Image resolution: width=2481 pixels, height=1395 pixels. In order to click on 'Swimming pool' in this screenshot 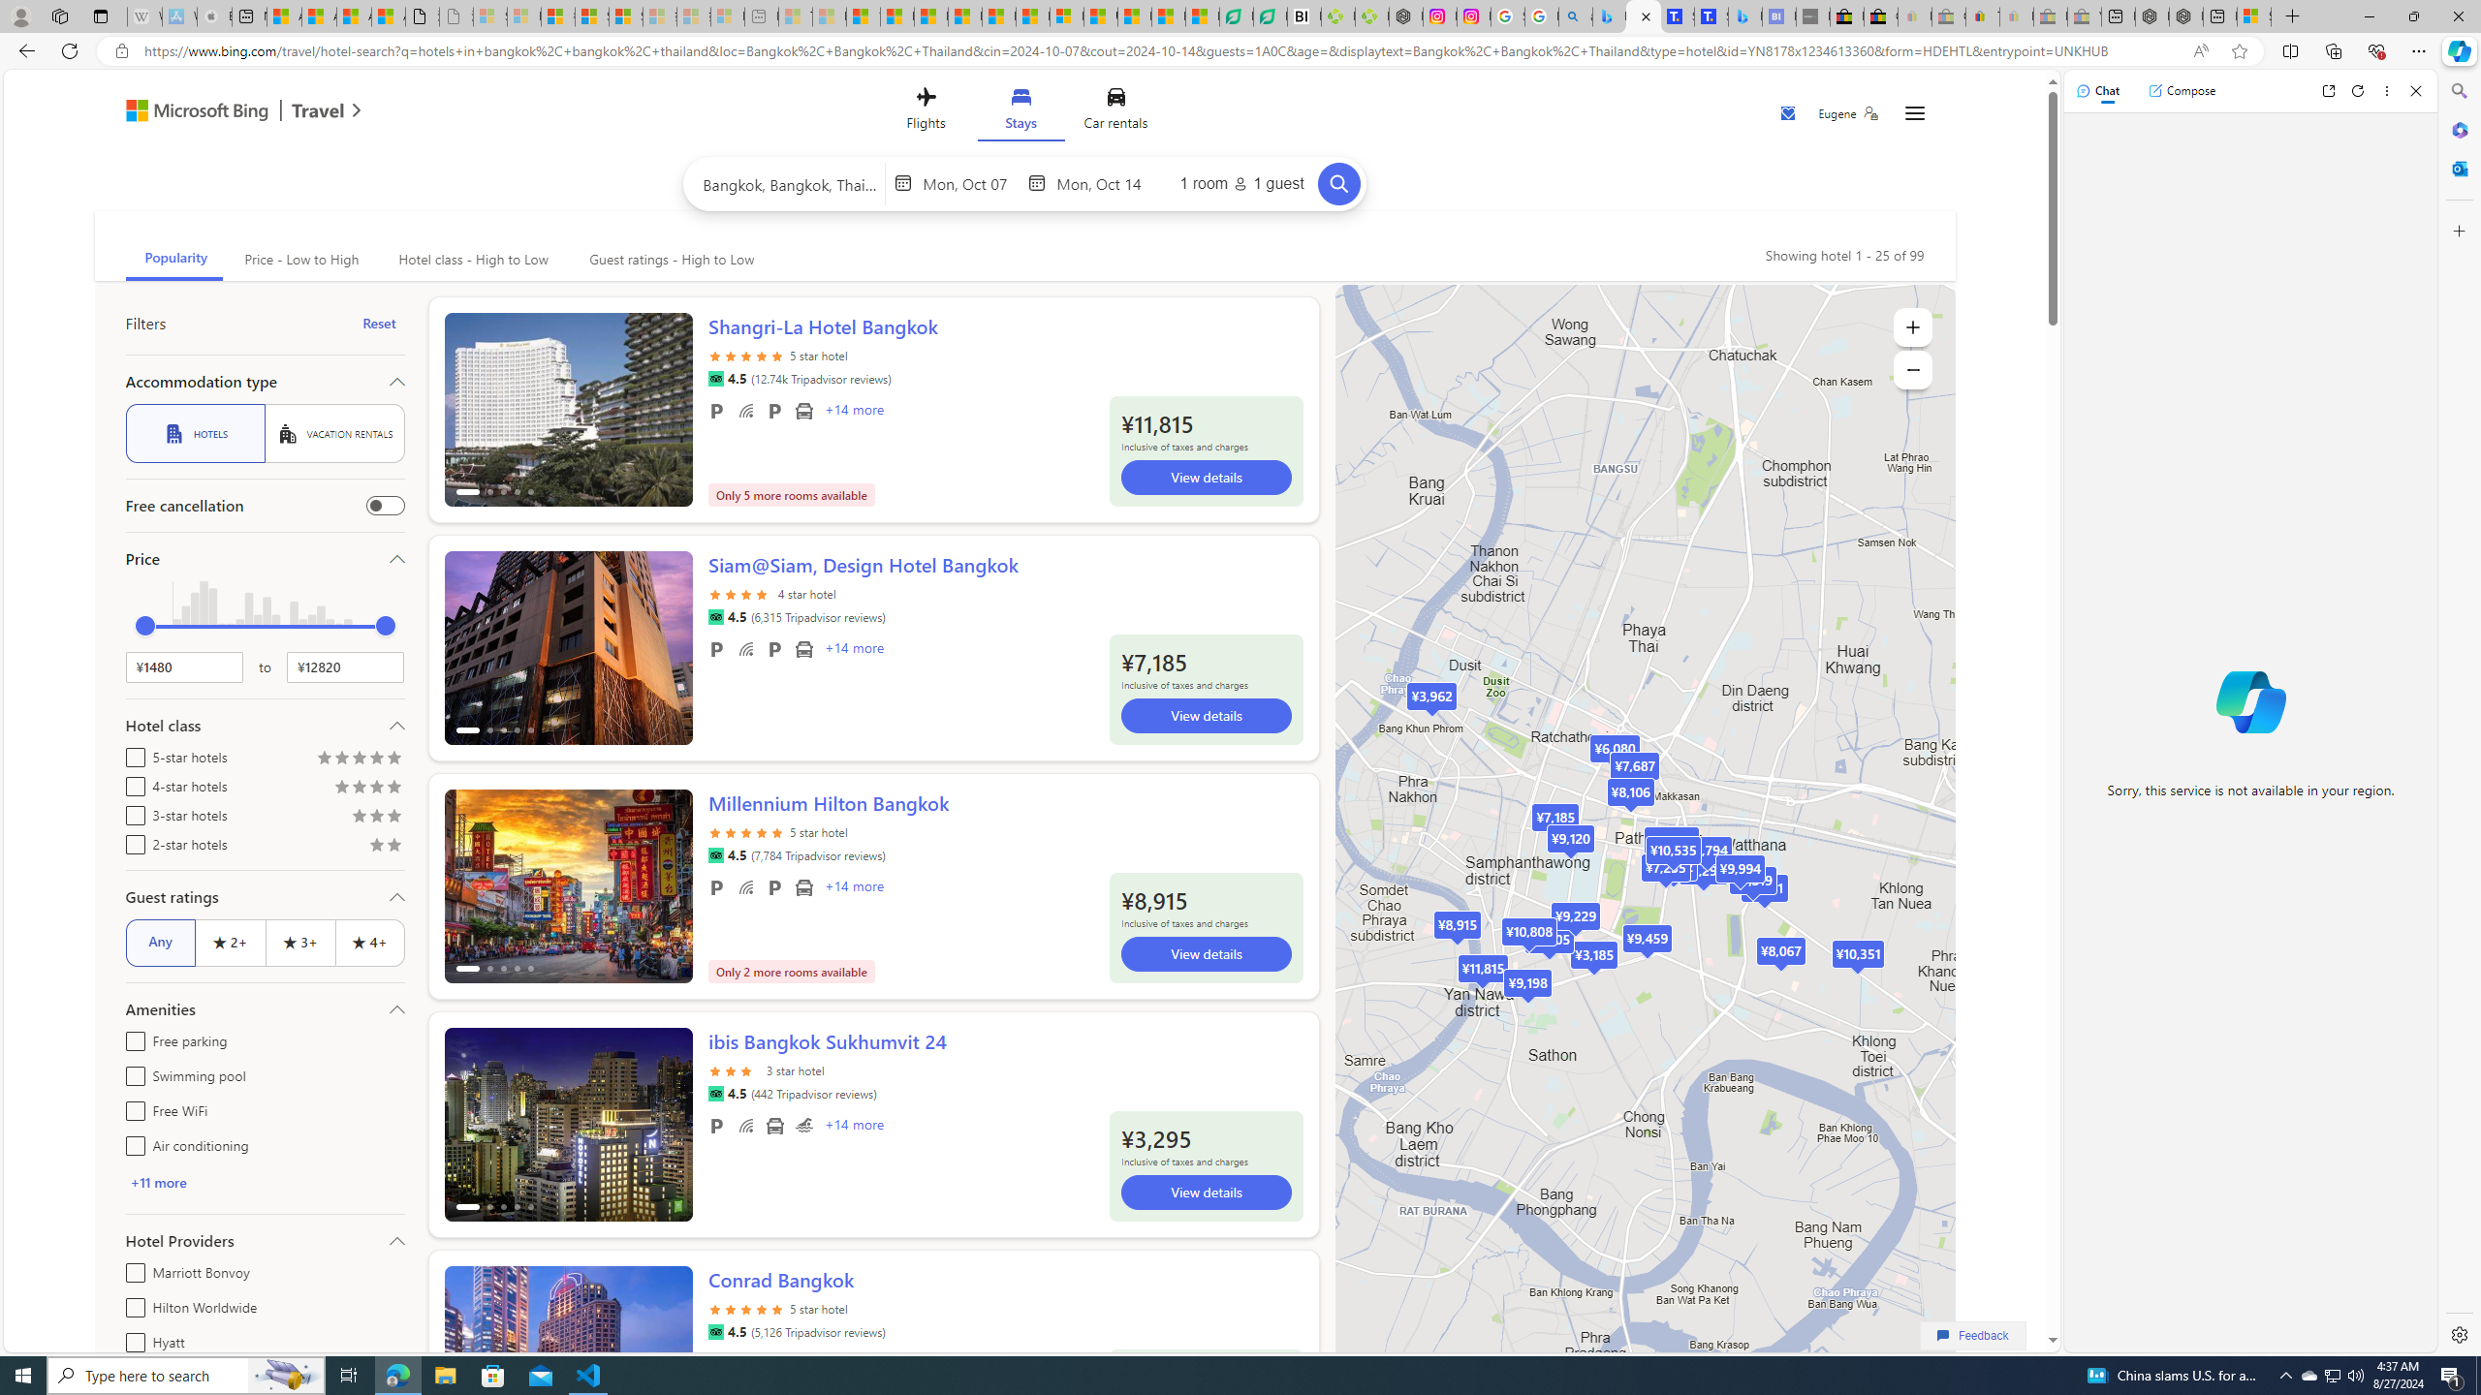, I will do `click(130, 1072)`.